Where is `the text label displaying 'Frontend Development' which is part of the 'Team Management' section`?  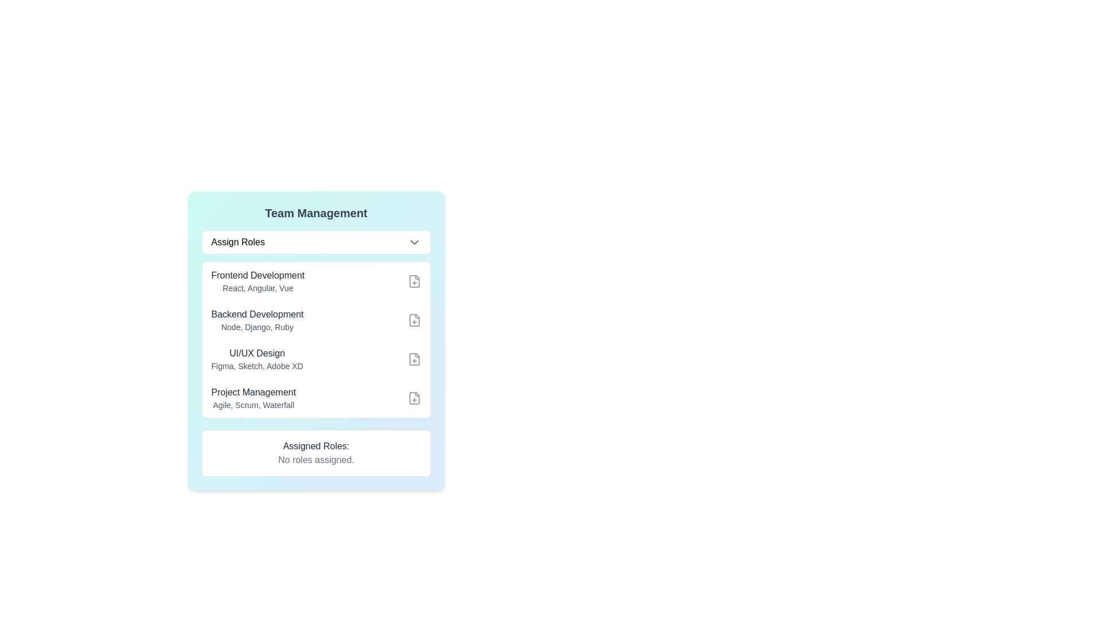
the text label displaying 'Frontend Development' which is part of the 'Team Management' section is located at coordinates (257, 276).